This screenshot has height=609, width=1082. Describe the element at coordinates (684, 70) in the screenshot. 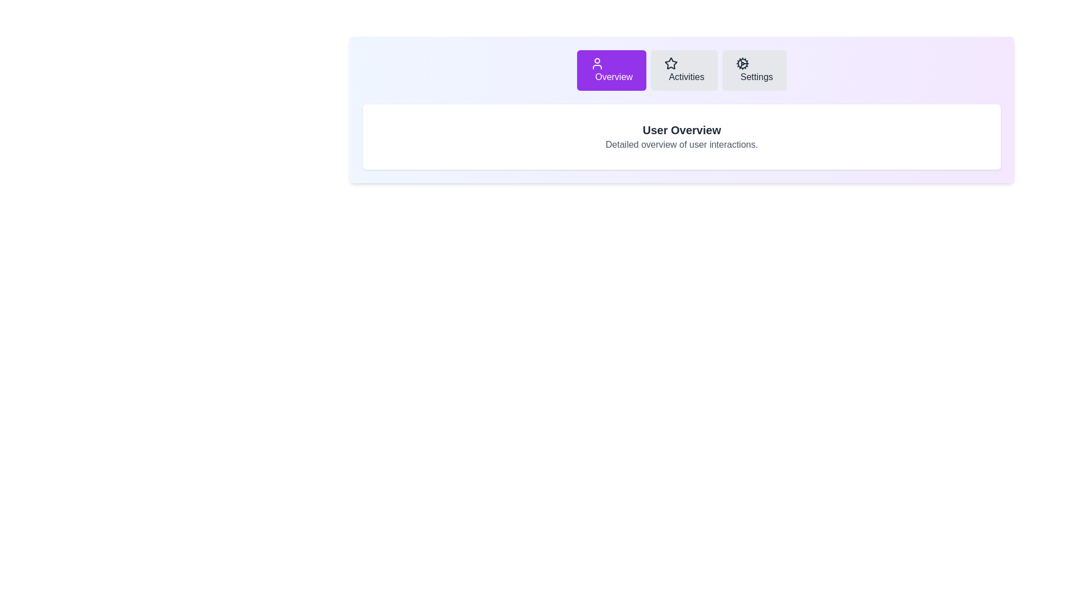

I see `the 'Activities' button, which is the second button in a horizontal navigation bar, featuring a star-shaped icon and a light-gray background` at that location.